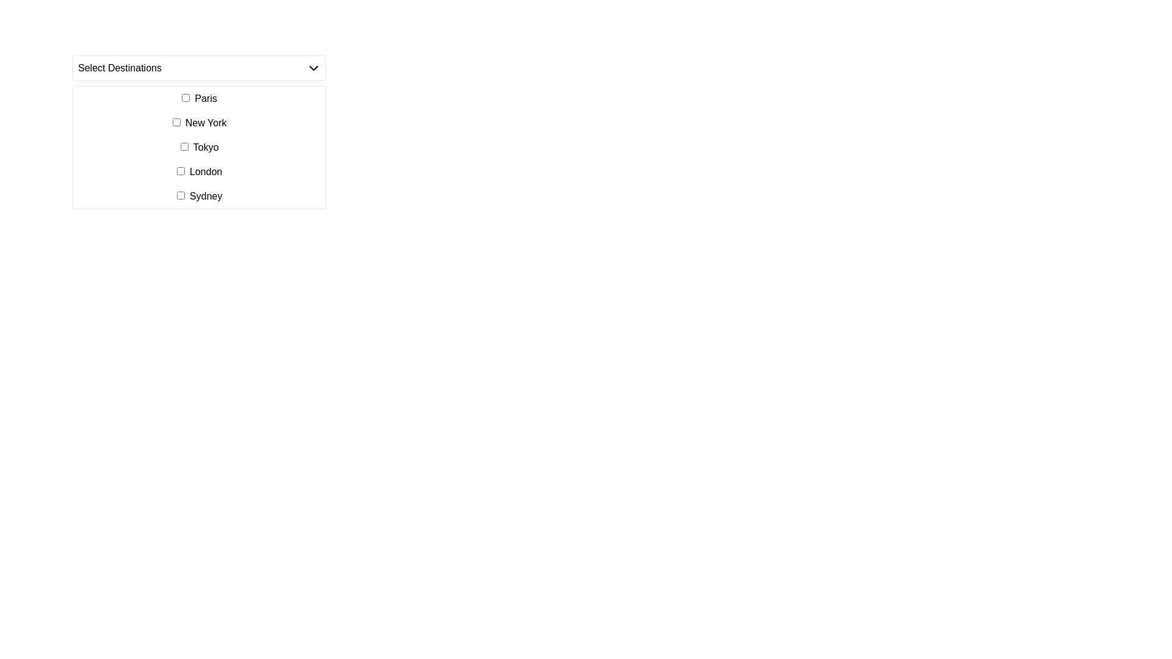  Describe the element at coordinates (199, 111) in the screenshot. I see `the 'New York' checkbox in the dropdown list` at that location.